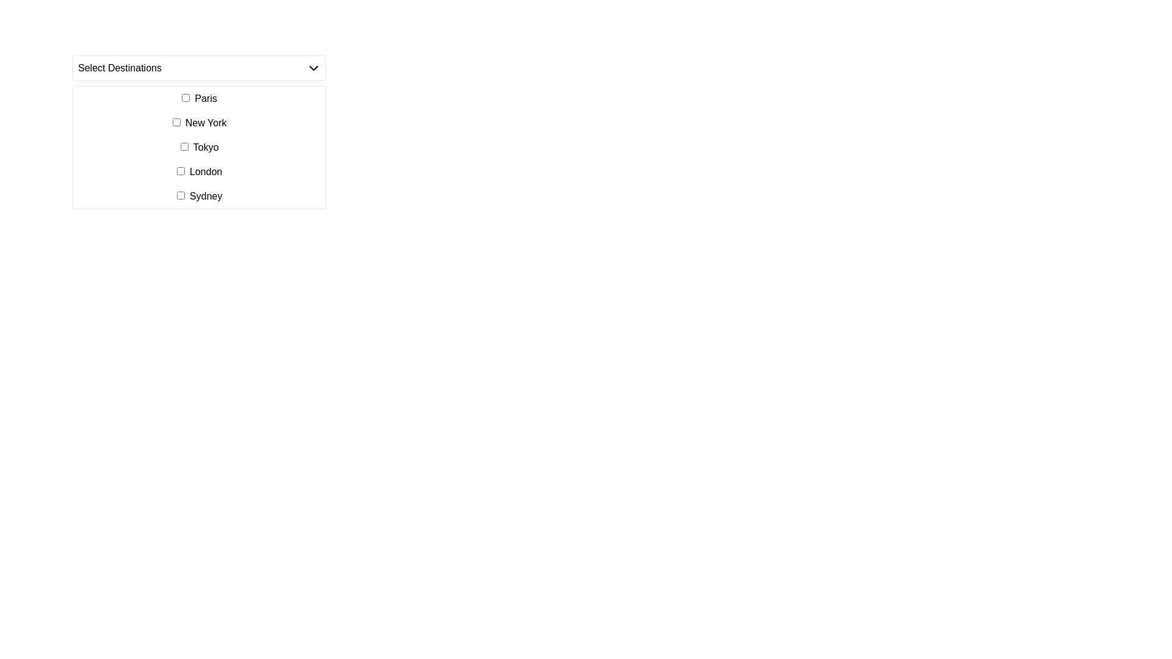  Describe the element at coordinates (199, 111) in the screenshot. I see `the 'New York' checkbox in the dropdown list` at that location.